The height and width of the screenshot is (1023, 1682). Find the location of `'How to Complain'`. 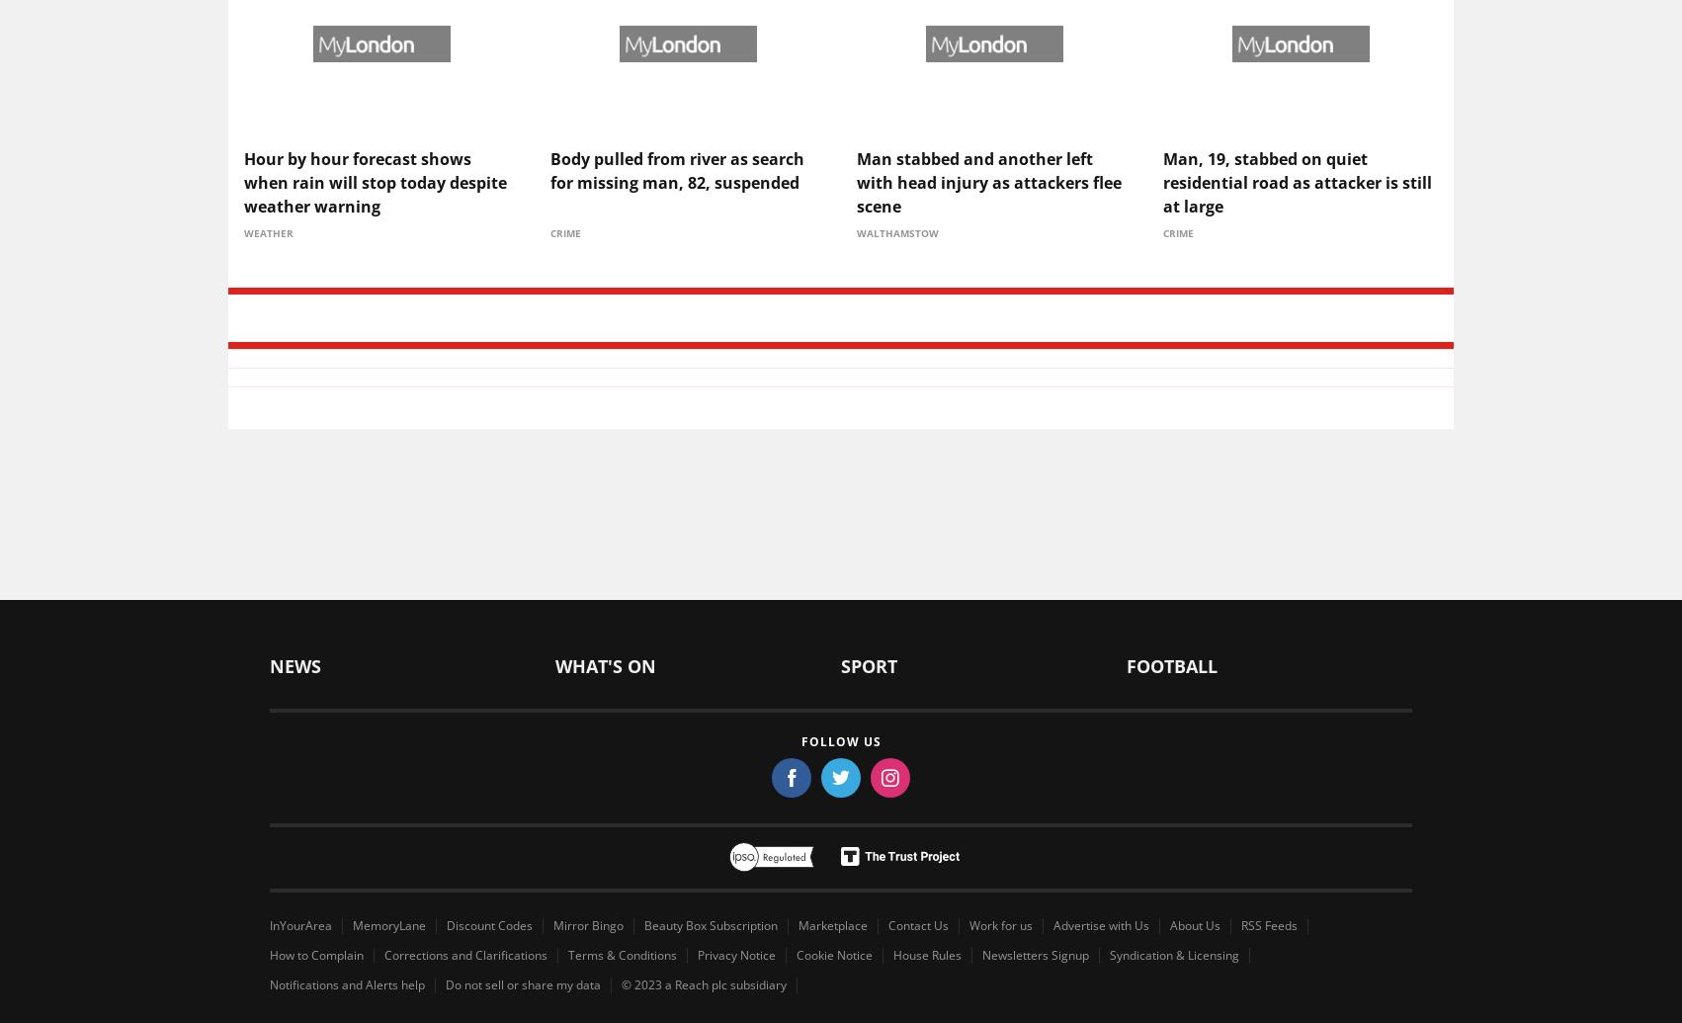

'How to Complain' is located at coordinates (316, 953).